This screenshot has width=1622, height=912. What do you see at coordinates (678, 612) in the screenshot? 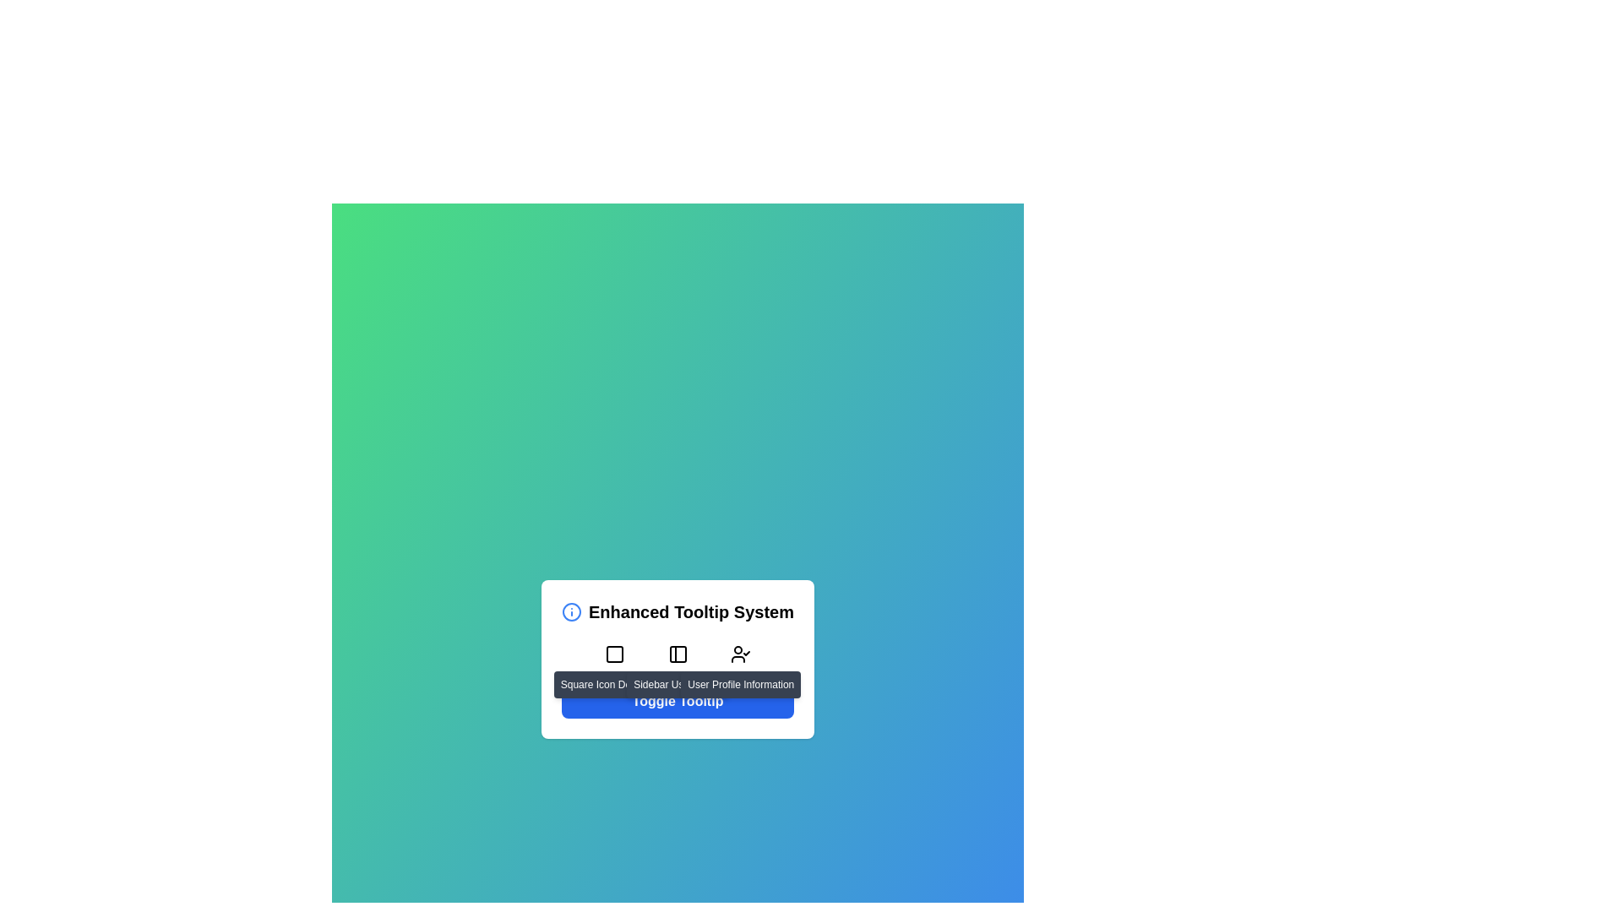
I see `the text label 'Enhanced Tooltip System' located to the right of the blue circular information icon, which is part of a white rectangular card at the top of the UI` at bounding box center [678, 612].